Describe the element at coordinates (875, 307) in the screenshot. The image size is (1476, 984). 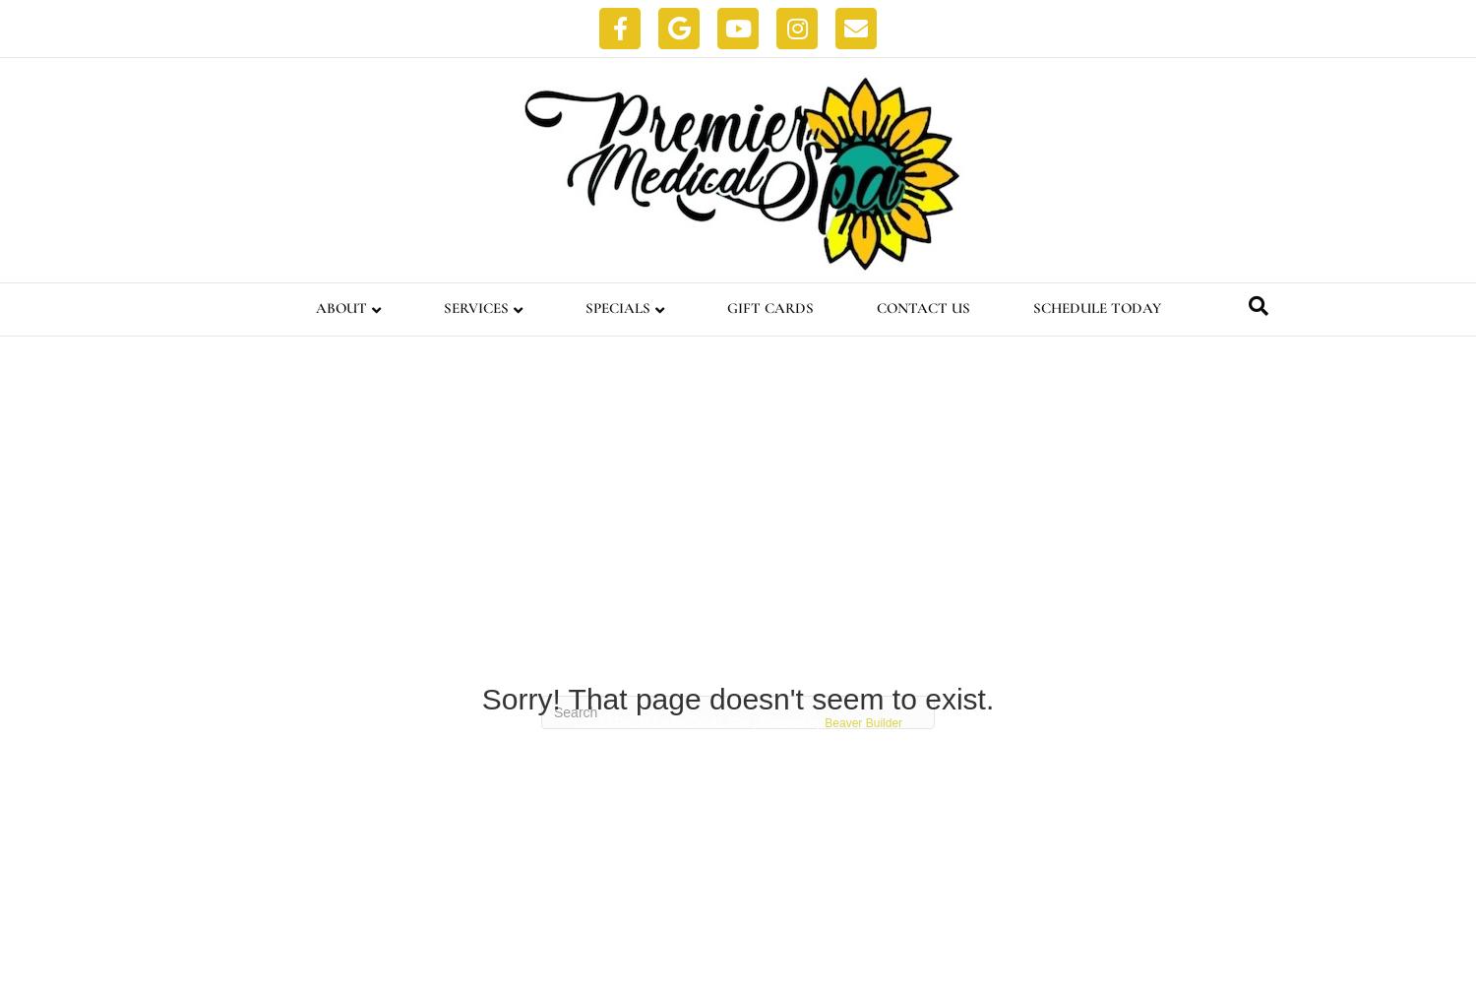
I see `'CONTACT US'` at that location.